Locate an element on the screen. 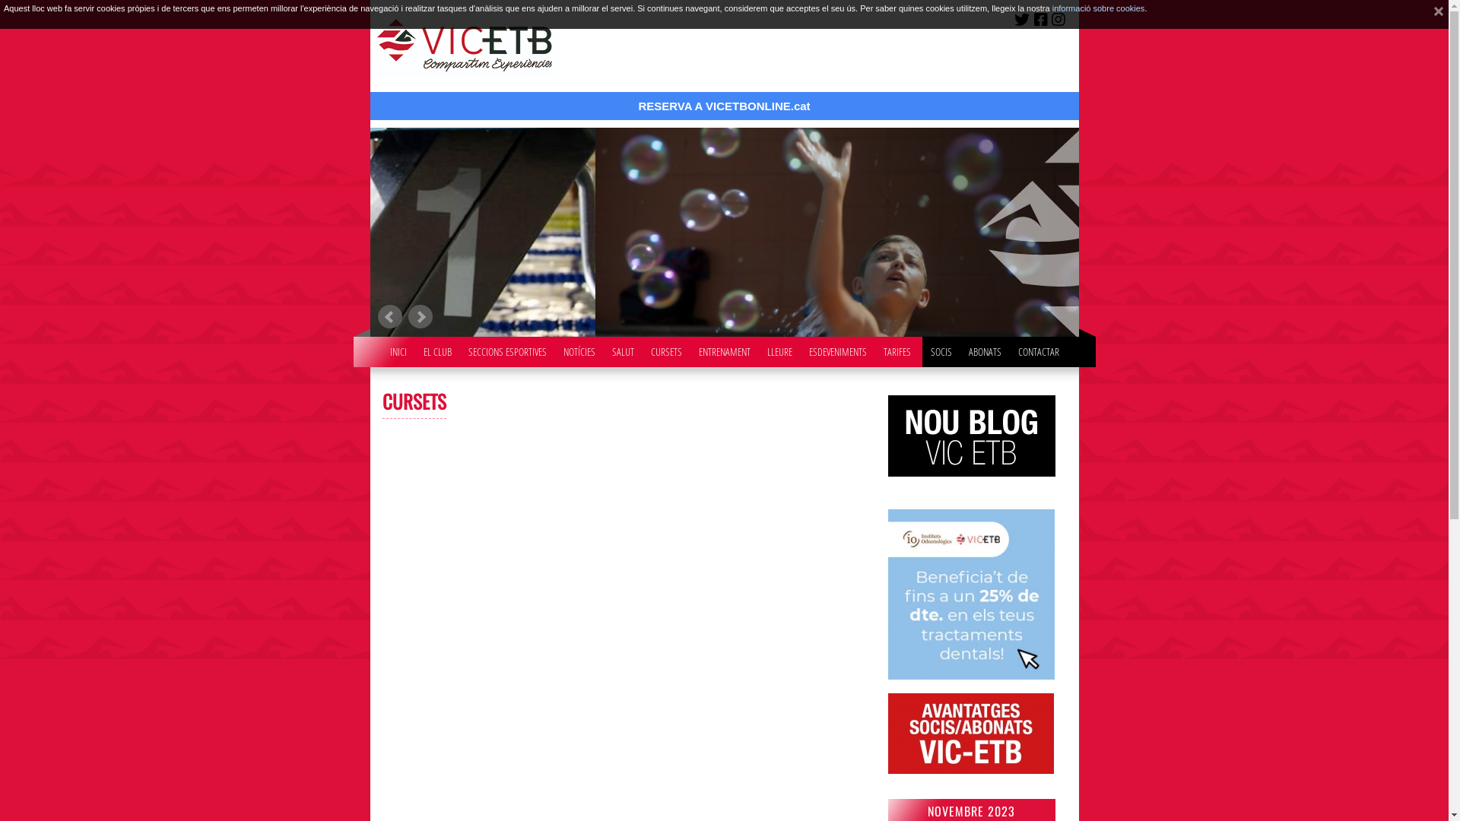 The height and width of the screenshot is (821, 1460). 'SOCIS' is located at coordinates (922, 348).